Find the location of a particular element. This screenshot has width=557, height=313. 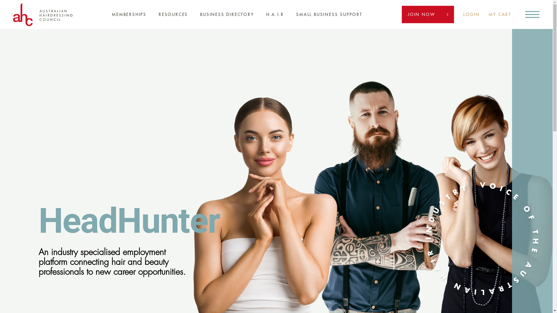

'RESOURCES' is located at coordinates (173, 14).